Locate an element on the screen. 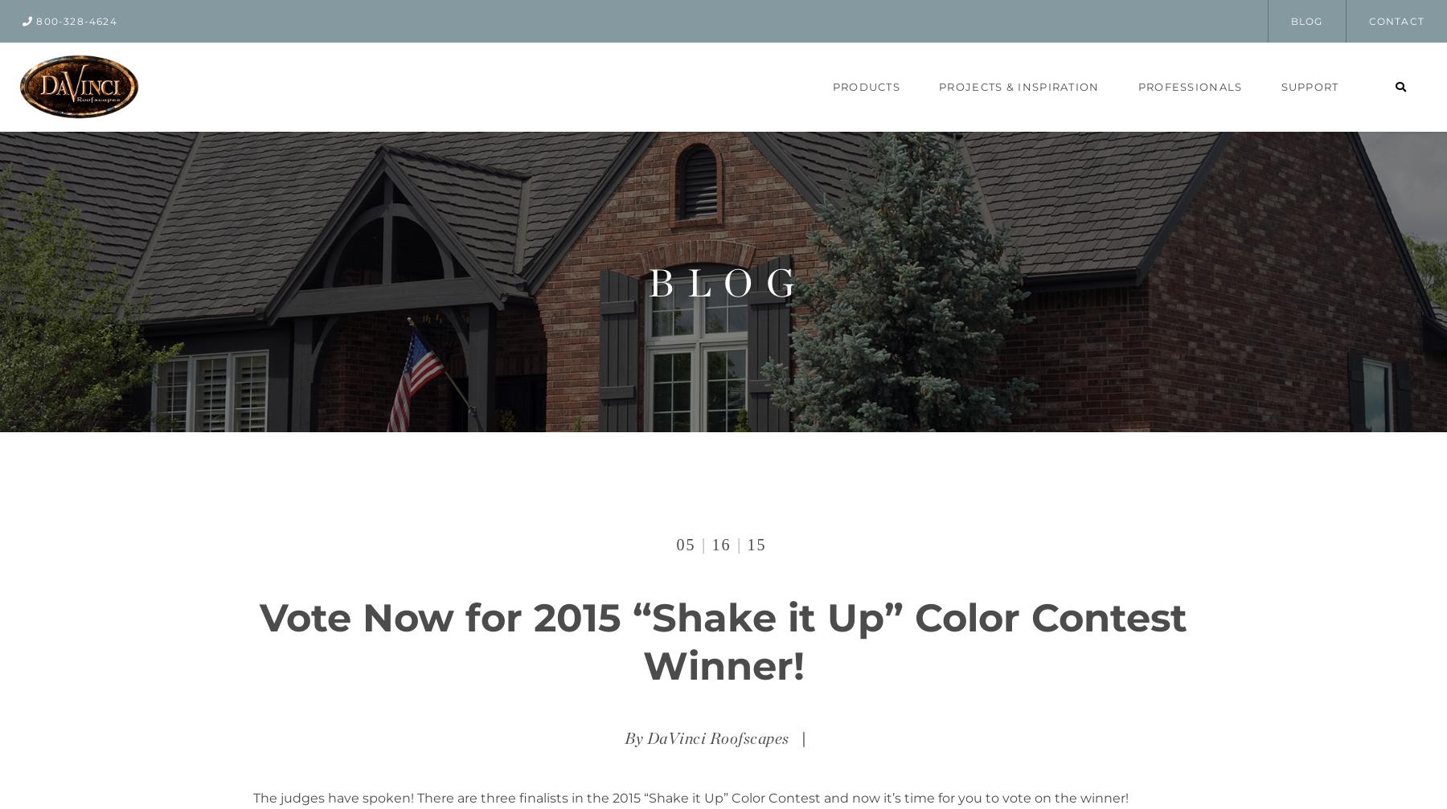 The image size is (1447, 809). 'By' is located at coordinates (635, 737).